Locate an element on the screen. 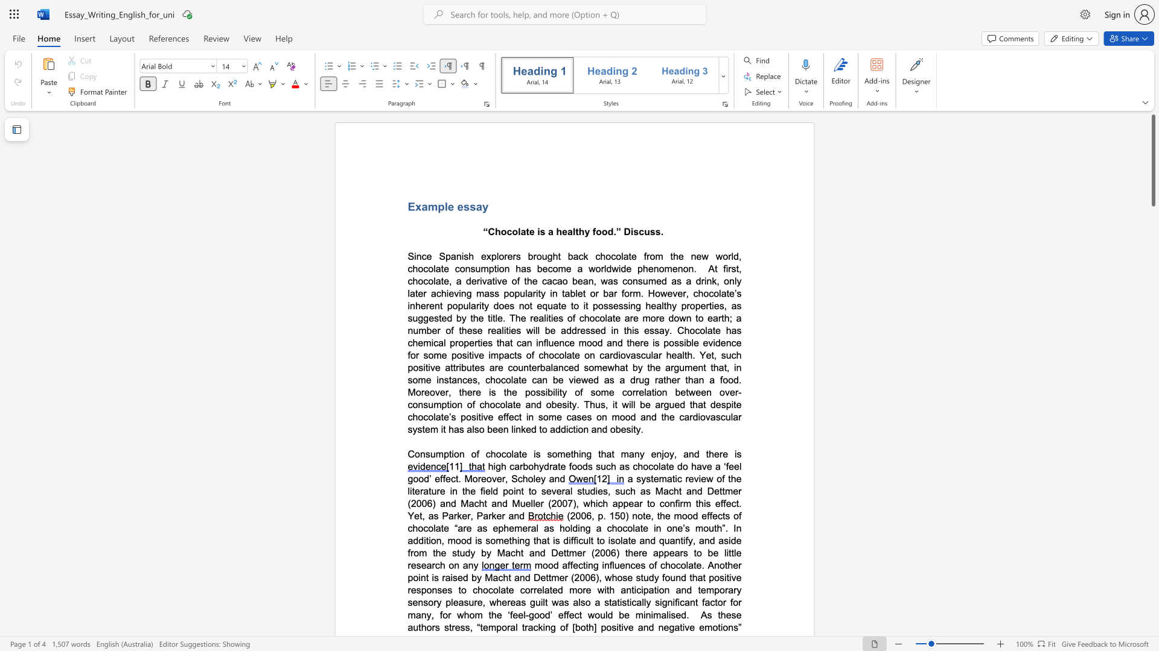 The width and height of the screenshot is (1159, 651). the scrollbar on the side is located at coordinates (1152, 361).